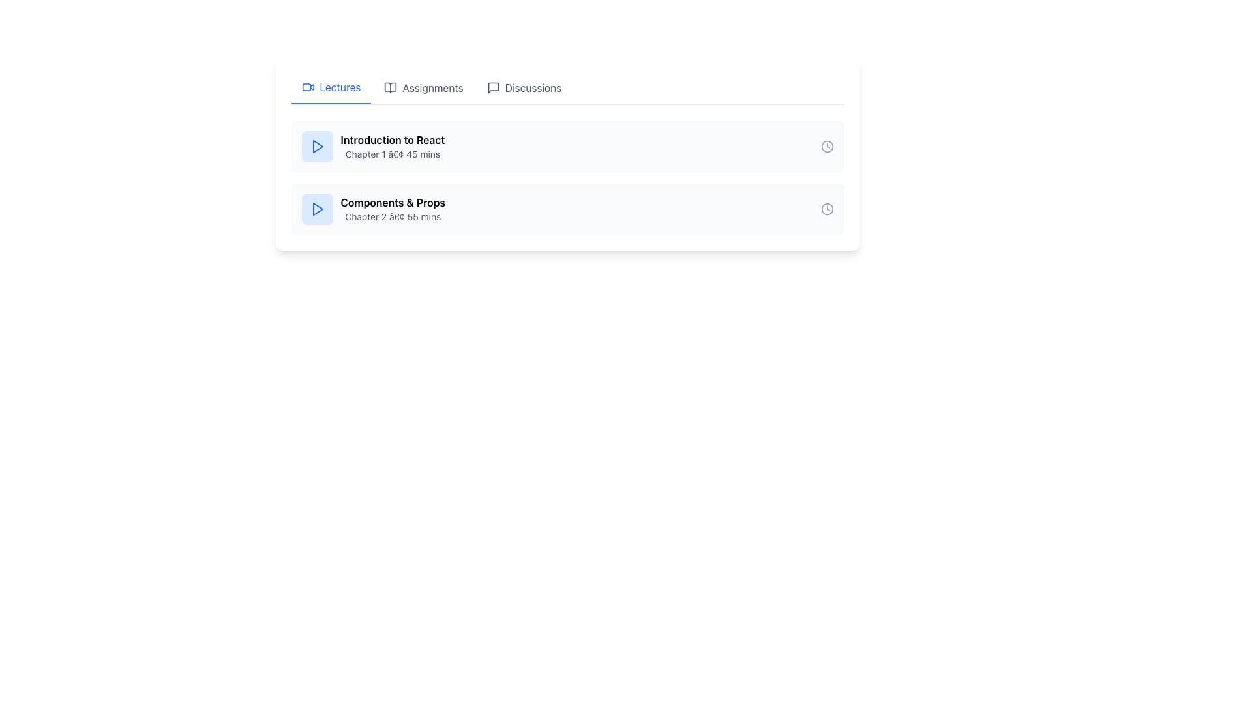 The image size is (1252, 704). I want to click on the Lectures section icon, which is the leftmost item in the section header, positioned in the upper portion of the display content area, so click(307, 87).